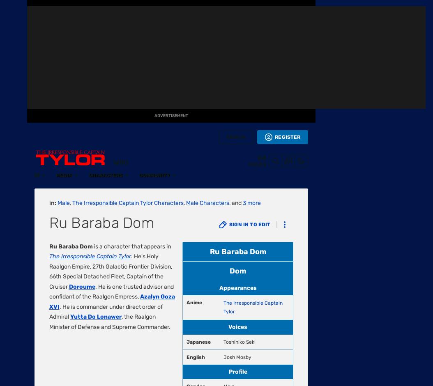 The width and height of the screenshot is (433, 386). Describe the element at coordinates (13, 206) in the screenshot. I see `'TV'` at that location.